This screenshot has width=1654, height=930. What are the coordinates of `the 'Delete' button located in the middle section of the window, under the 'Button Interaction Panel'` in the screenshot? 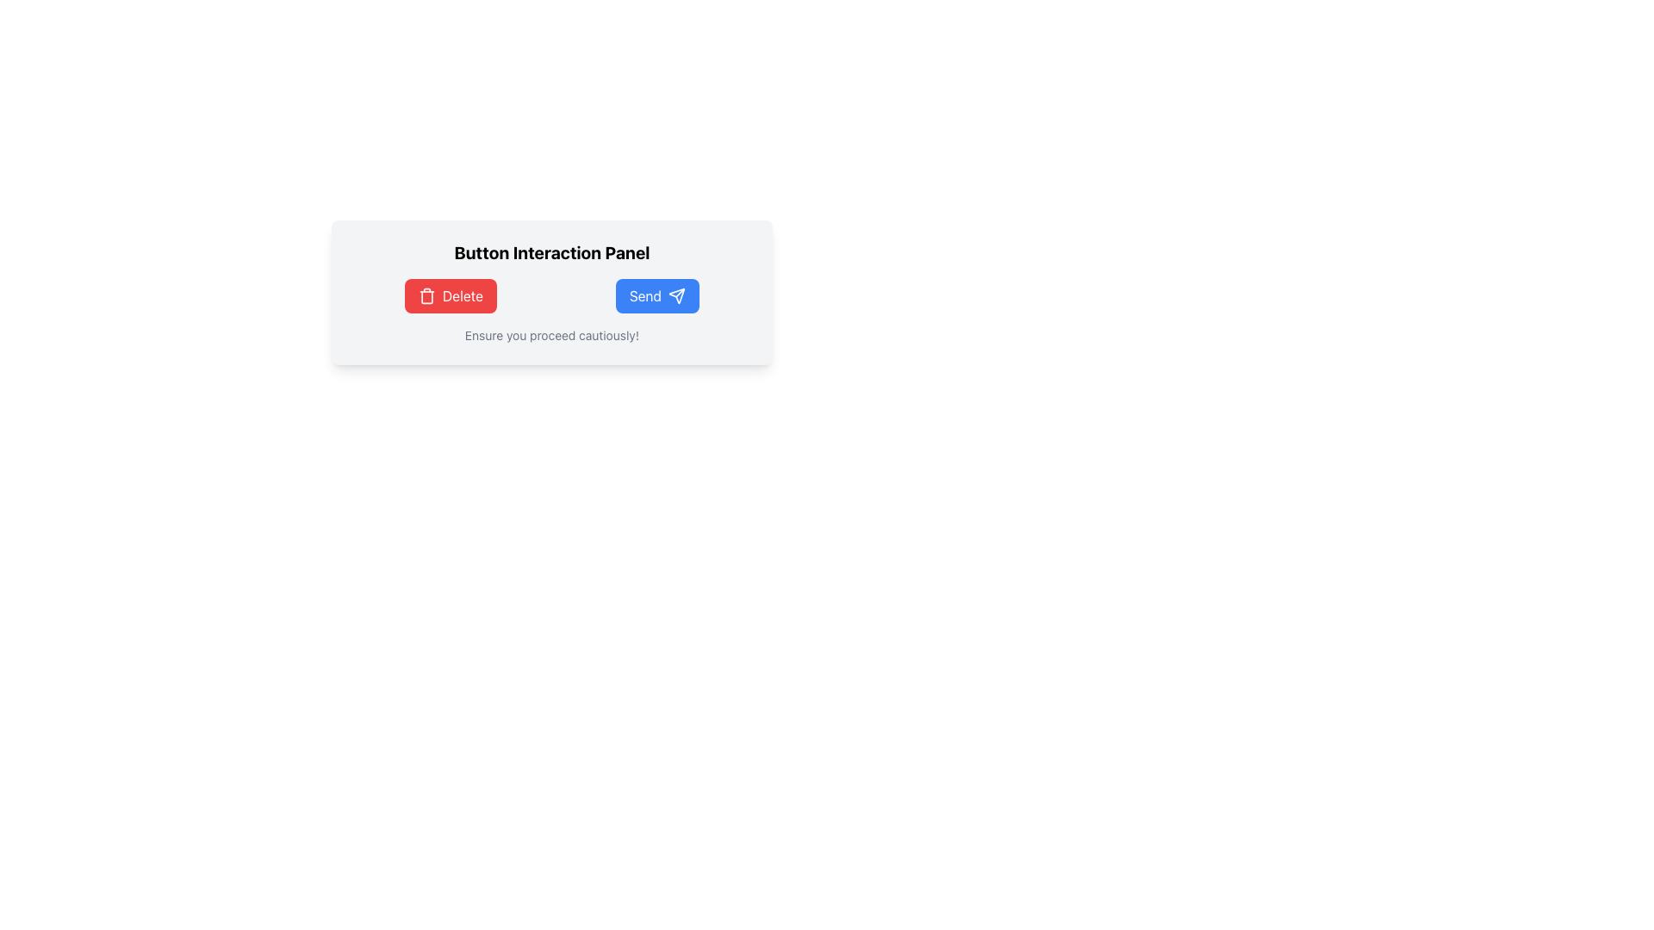 It's located at (451, 294).